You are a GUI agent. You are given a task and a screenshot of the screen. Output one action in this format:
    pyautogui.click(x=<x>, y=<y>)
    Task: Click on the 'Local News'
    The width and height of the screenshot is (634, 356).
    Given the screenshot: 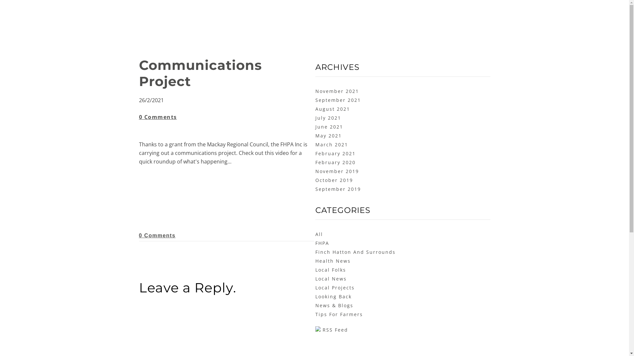 What is the action you would take?
    pyautogui.click(x=331, y=279)
    